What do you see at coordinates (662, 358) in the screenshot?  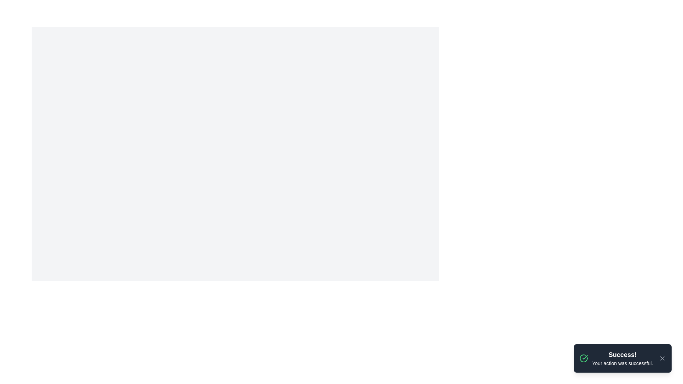 I see `the small gray circular button with an 'X' icon located in the bottom right corner of the notification pane` at bounding box center [662, 358].